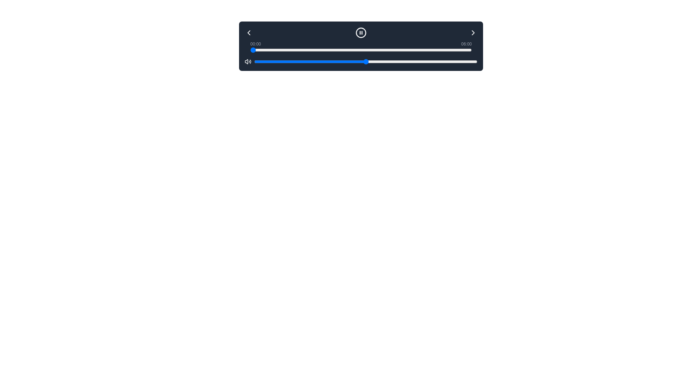  What do you see at coordinates (434, 50) in the screenshot?
I see `the playback time` at bounding box center [434, 50].